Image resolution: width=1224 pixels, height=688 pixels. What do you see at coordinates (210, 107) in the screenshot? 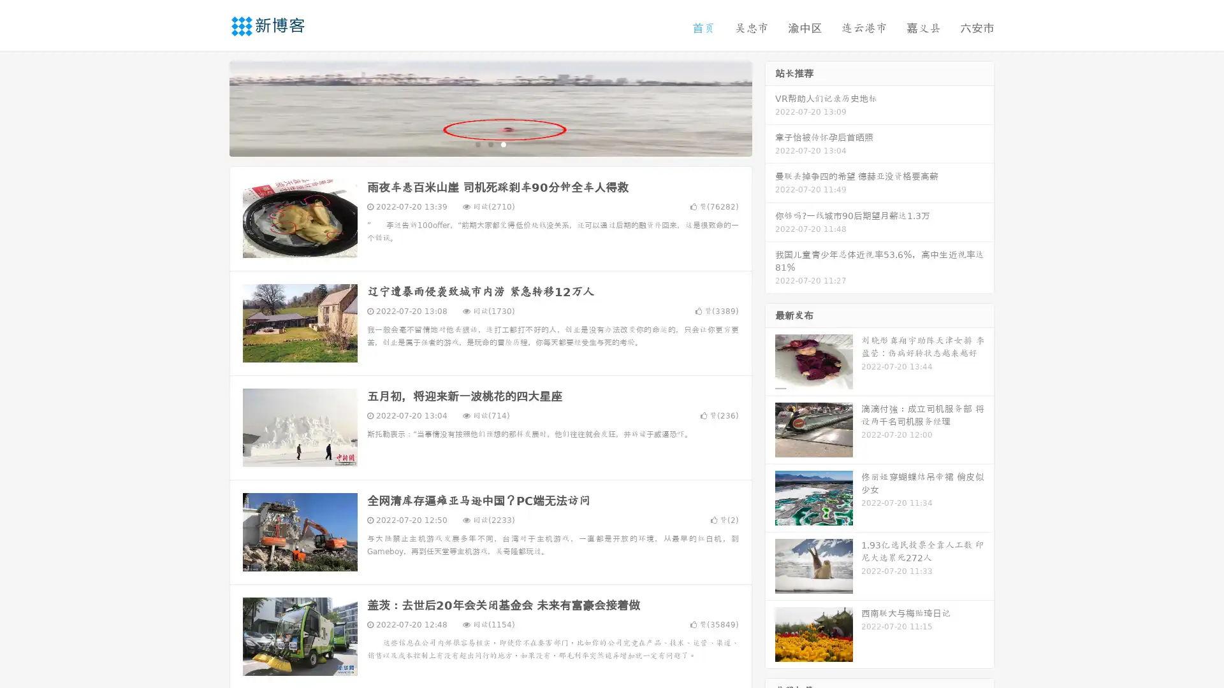
I see `Previous slide` at bounding box center [210, 107].